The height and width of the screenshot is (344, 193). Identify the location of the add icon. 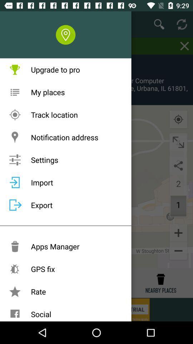
(178, 232).